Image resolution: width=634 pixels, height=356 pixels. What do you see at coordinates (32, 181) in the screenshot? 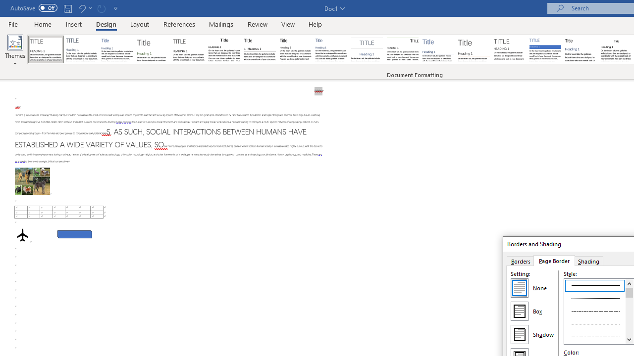
I see `'Morphological variation in six dogs'` at bounding box center [32, 181].